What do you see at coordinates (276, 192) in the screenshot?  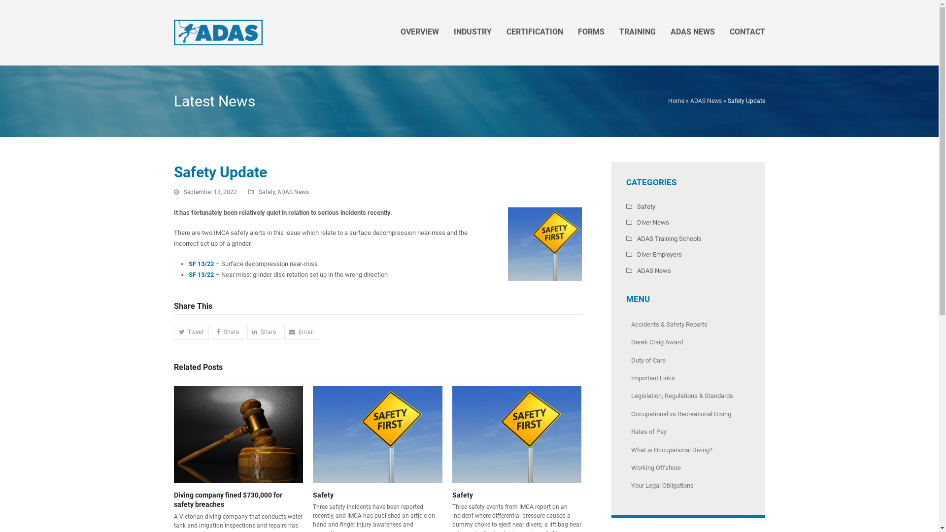 I see `'ADAS News'` at bounding box center [276, 192].